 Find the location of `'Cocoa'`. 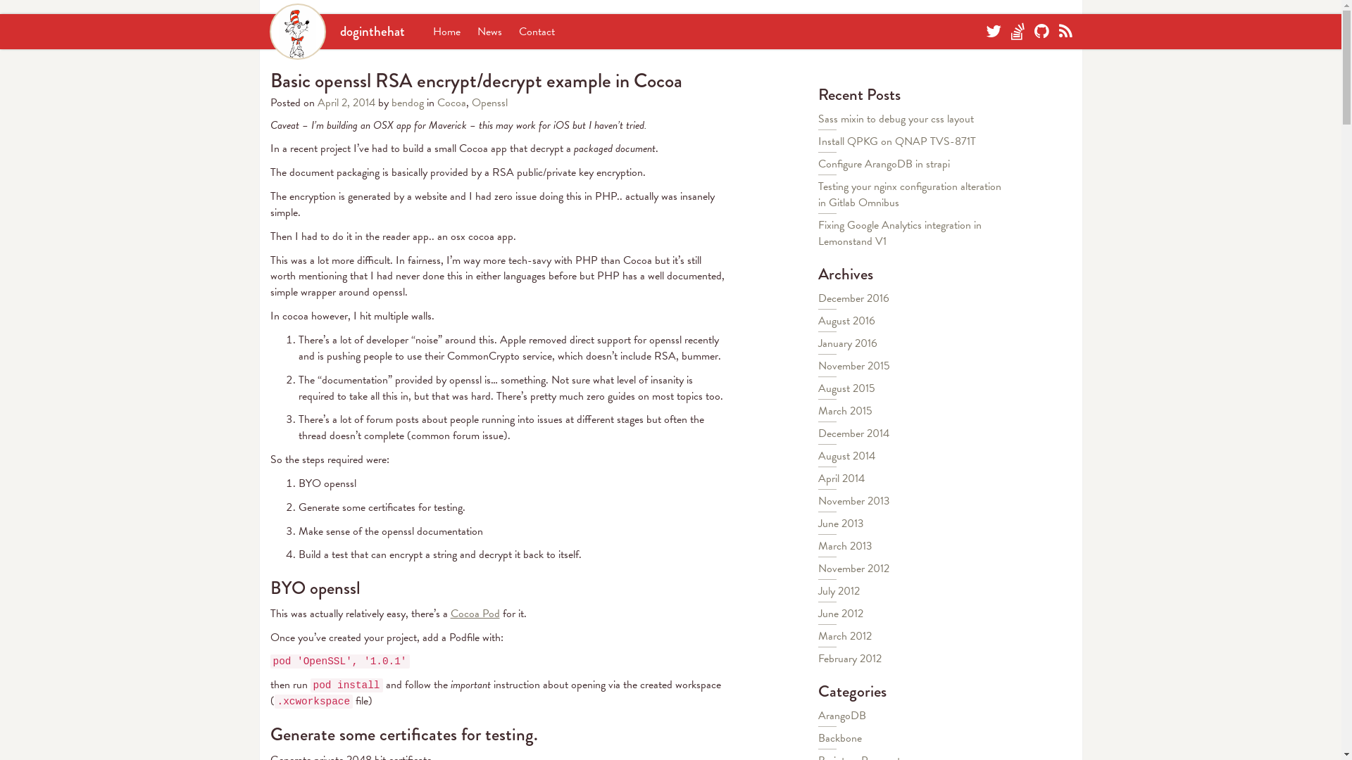

'Cocoa' is located at coordinates (435, 102).